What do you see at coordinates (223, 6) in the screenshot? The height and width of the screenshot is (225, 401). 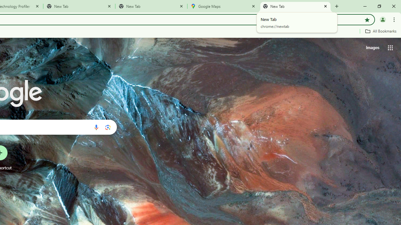 I see `'Google Maps'` at bounding box center [223, 6].